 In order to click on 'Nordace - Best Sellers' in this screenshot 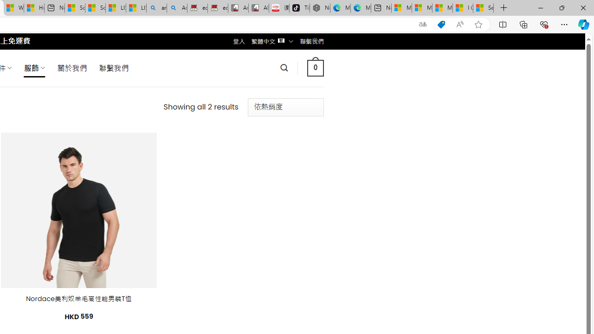, I will do `click(320, 8)`.